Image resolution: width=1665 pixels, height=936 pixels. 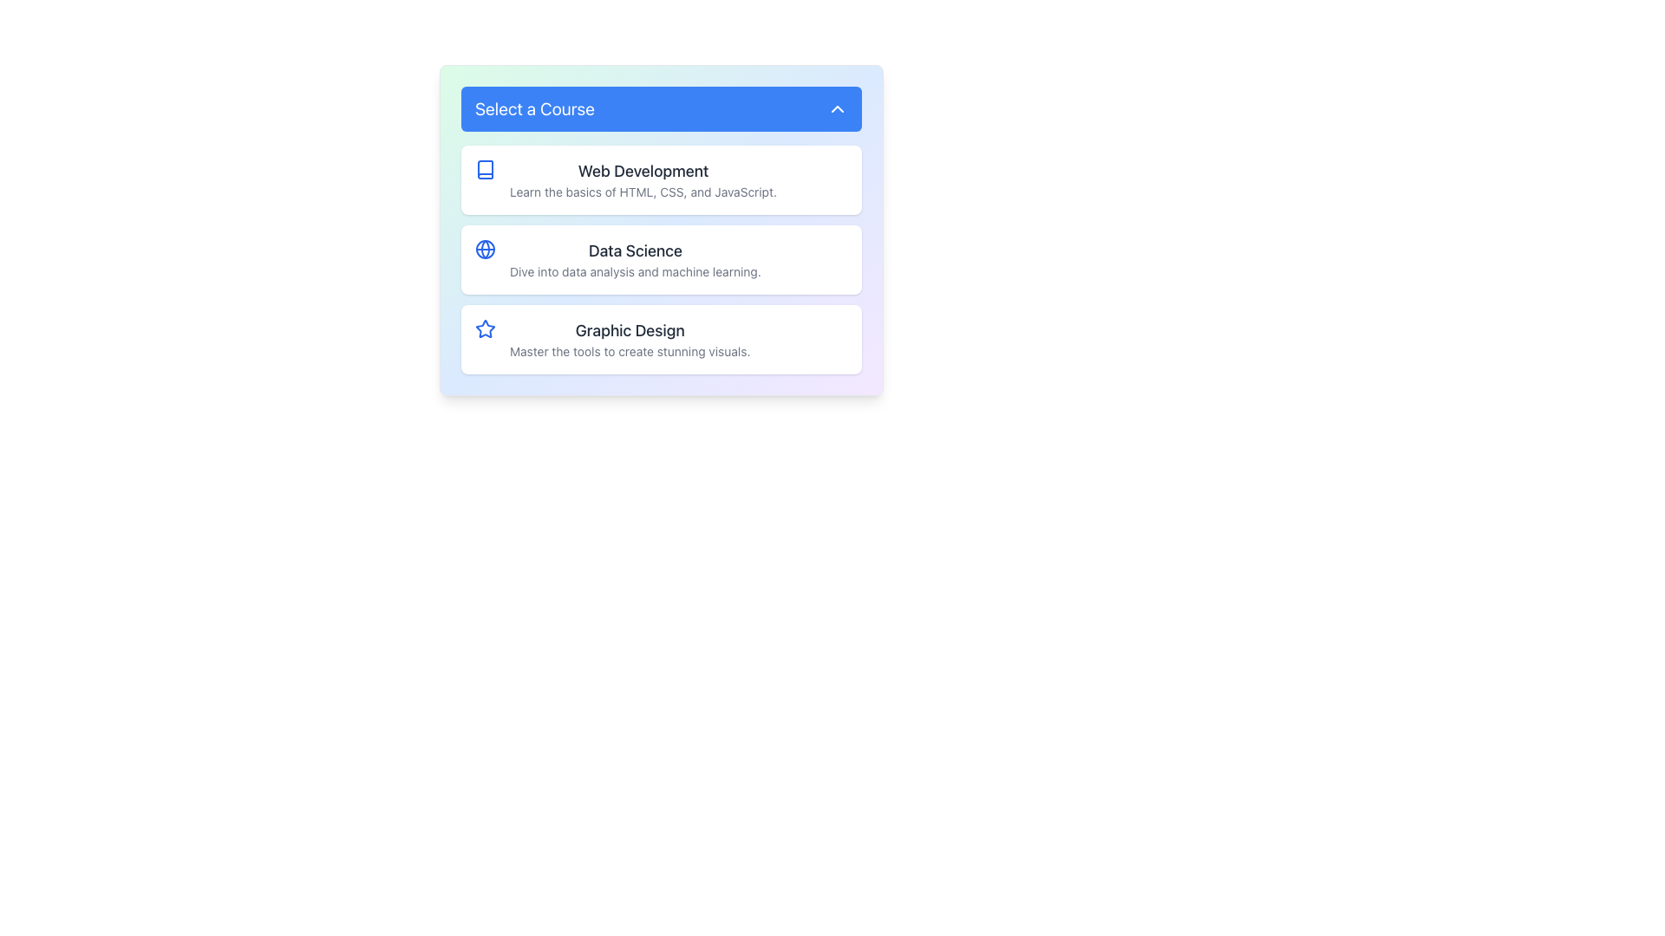 I want to click on text label that serves as the title of the course option, located at the center of the third course card in the 'Select a Course' section, so click(x=629, y=330).